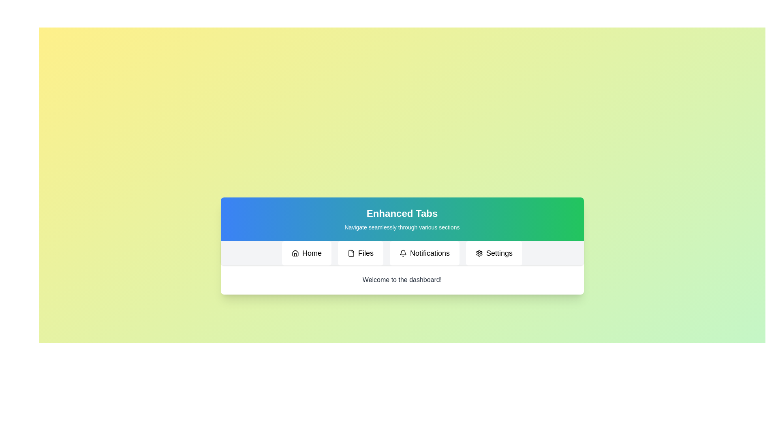 The image size is (778, 437). What do you see at coordinates (295, 252) in the screenshot?
I see `the house outline icon located in the 'Home' tab of the navigation bar` at bounding box center [295, 252].